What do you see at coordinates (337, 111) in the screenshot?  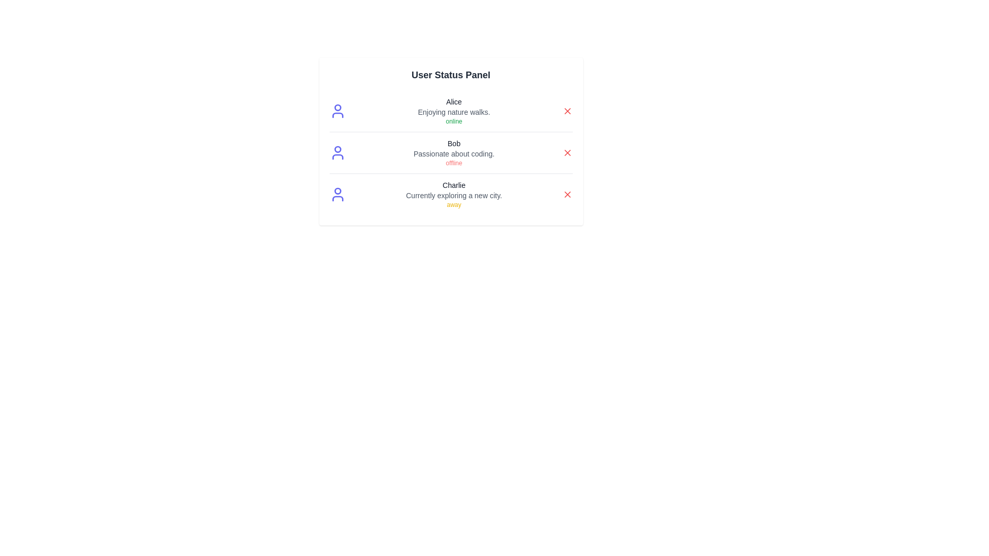 I see `the user icon representing 'Alice' in the User Status Panel, which is located to the left of the text 'Alice' in the first row` at bounding box center [337, 111].